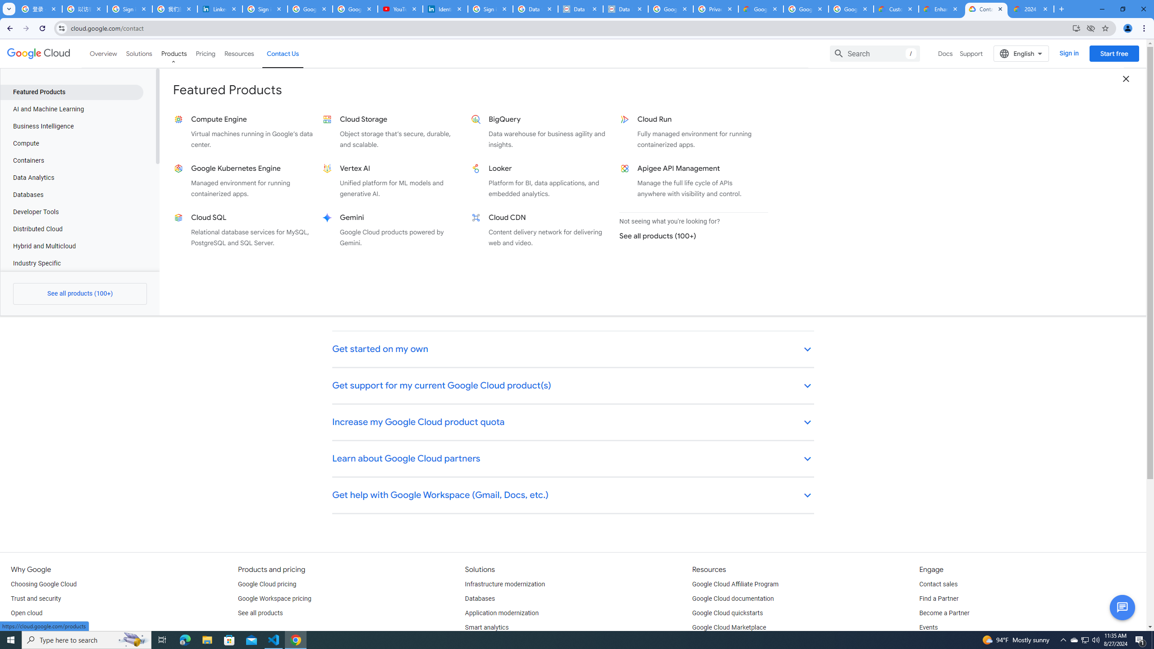 The height and width of the screenshot is (649, 1154). What do you see at coordinates (71, 126) in the screenshot?
I see `'Business Intelligence'` at bounding box center [71, 126].